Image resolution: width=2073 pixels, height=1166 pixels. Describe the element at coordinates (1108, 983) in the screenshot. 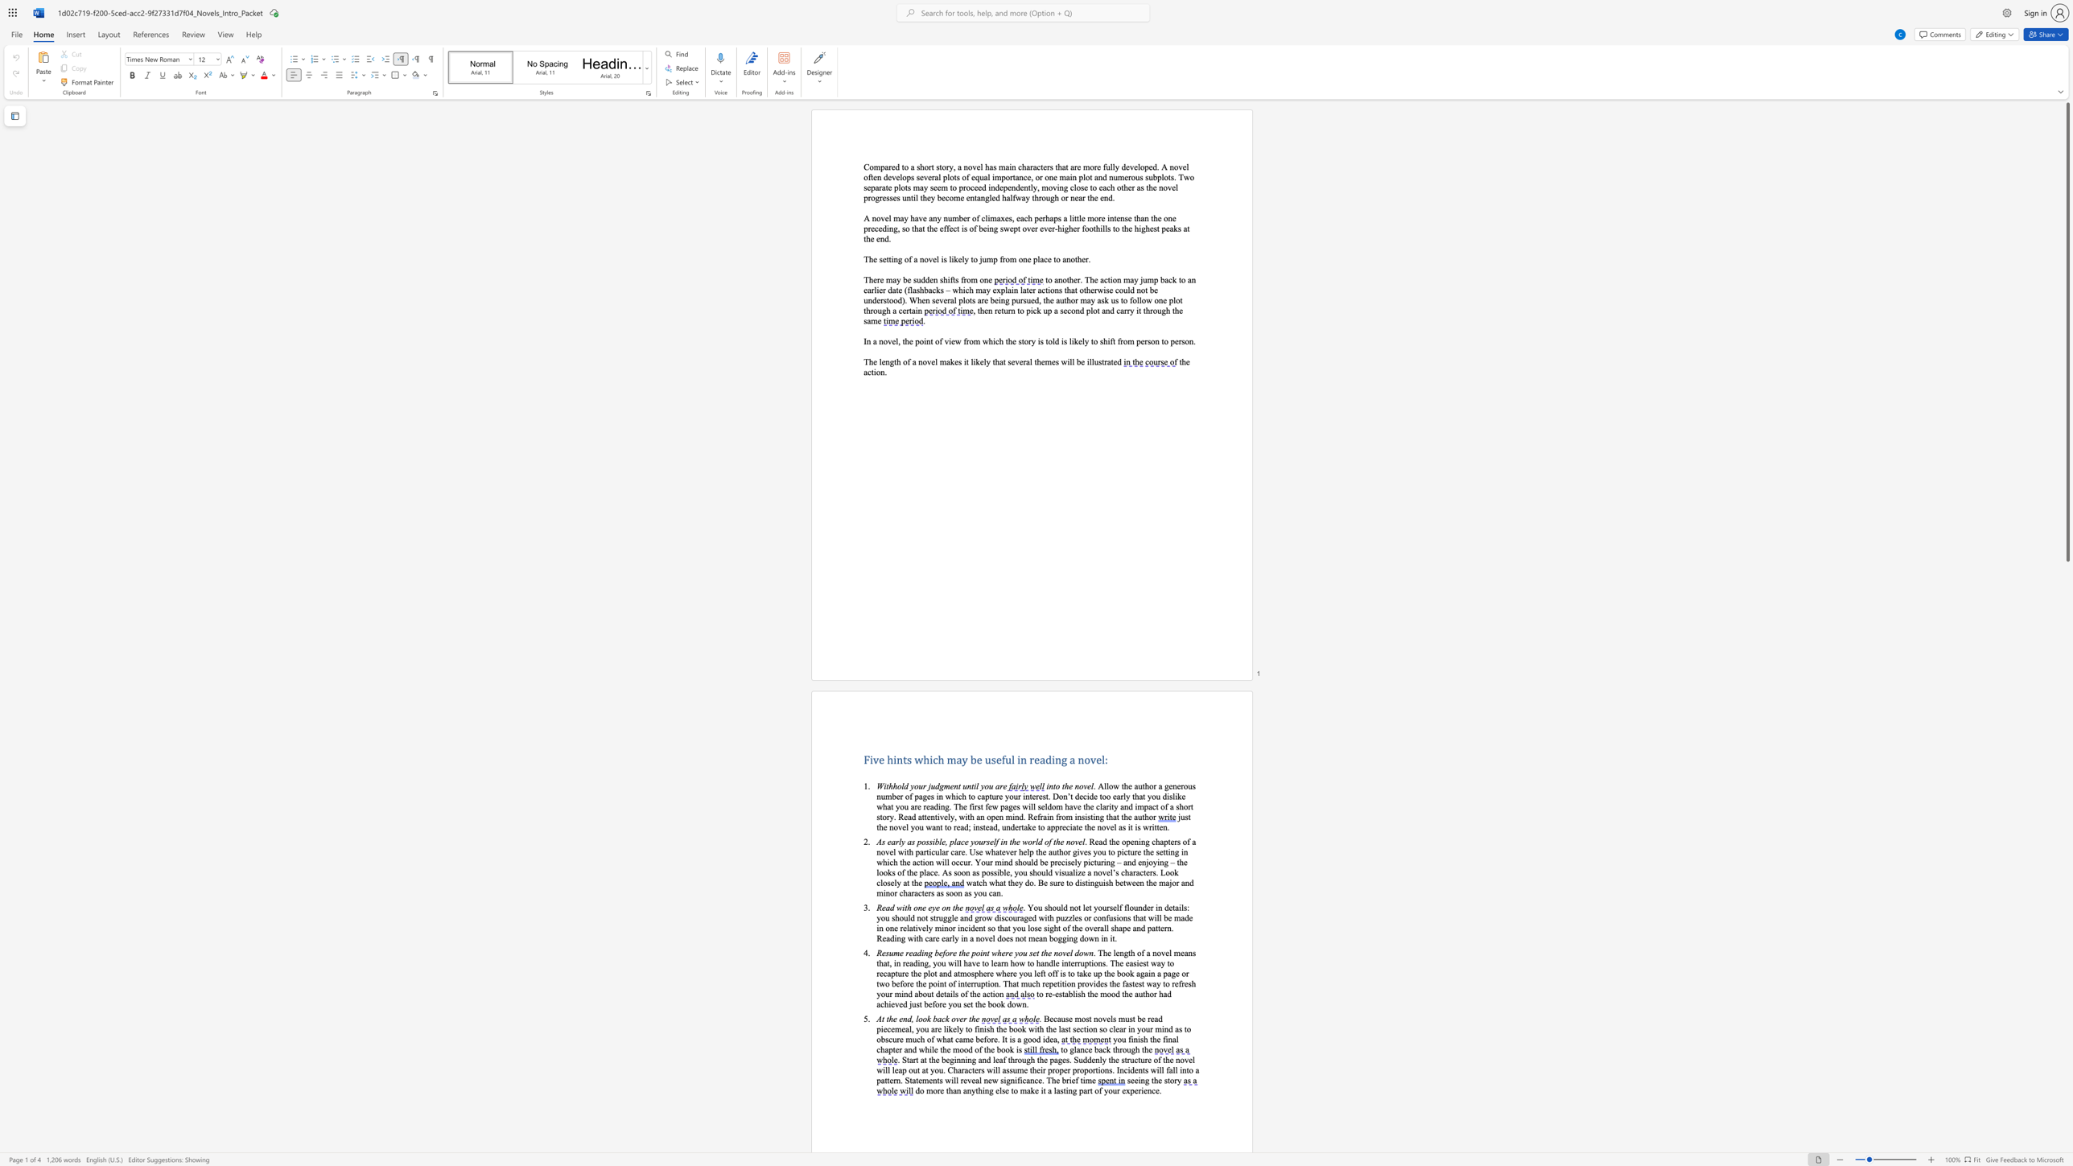

I see `the subset text "the fastest way to refresh your mind about det" within the text "the fastest way to refresh your mind about details of the action"` at that location.